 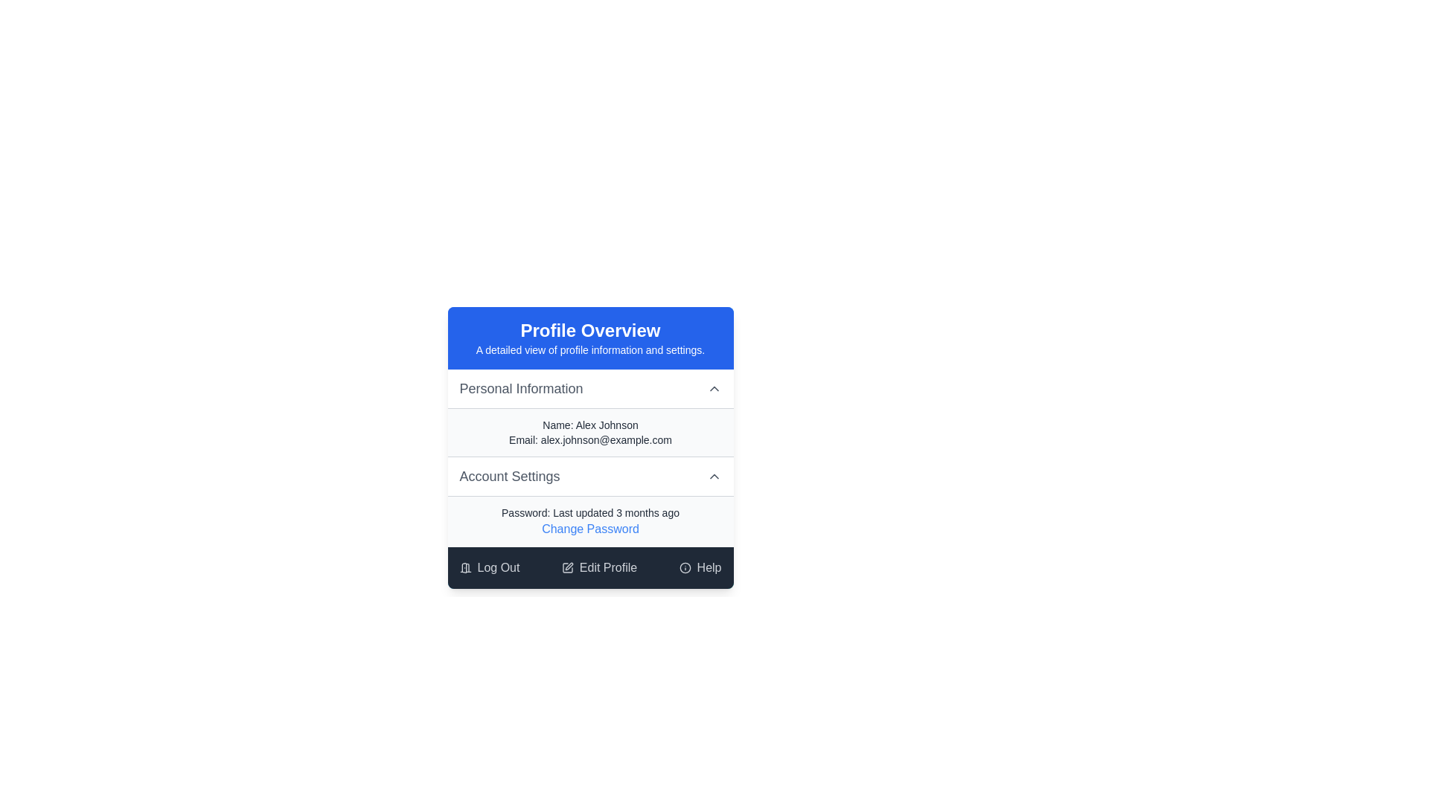 I want to click on the 'Change Password' hyperlink located below the text 'Password: Last updated 3 months ago' in the 'Account Settings' section, so click(x=589, y=529).